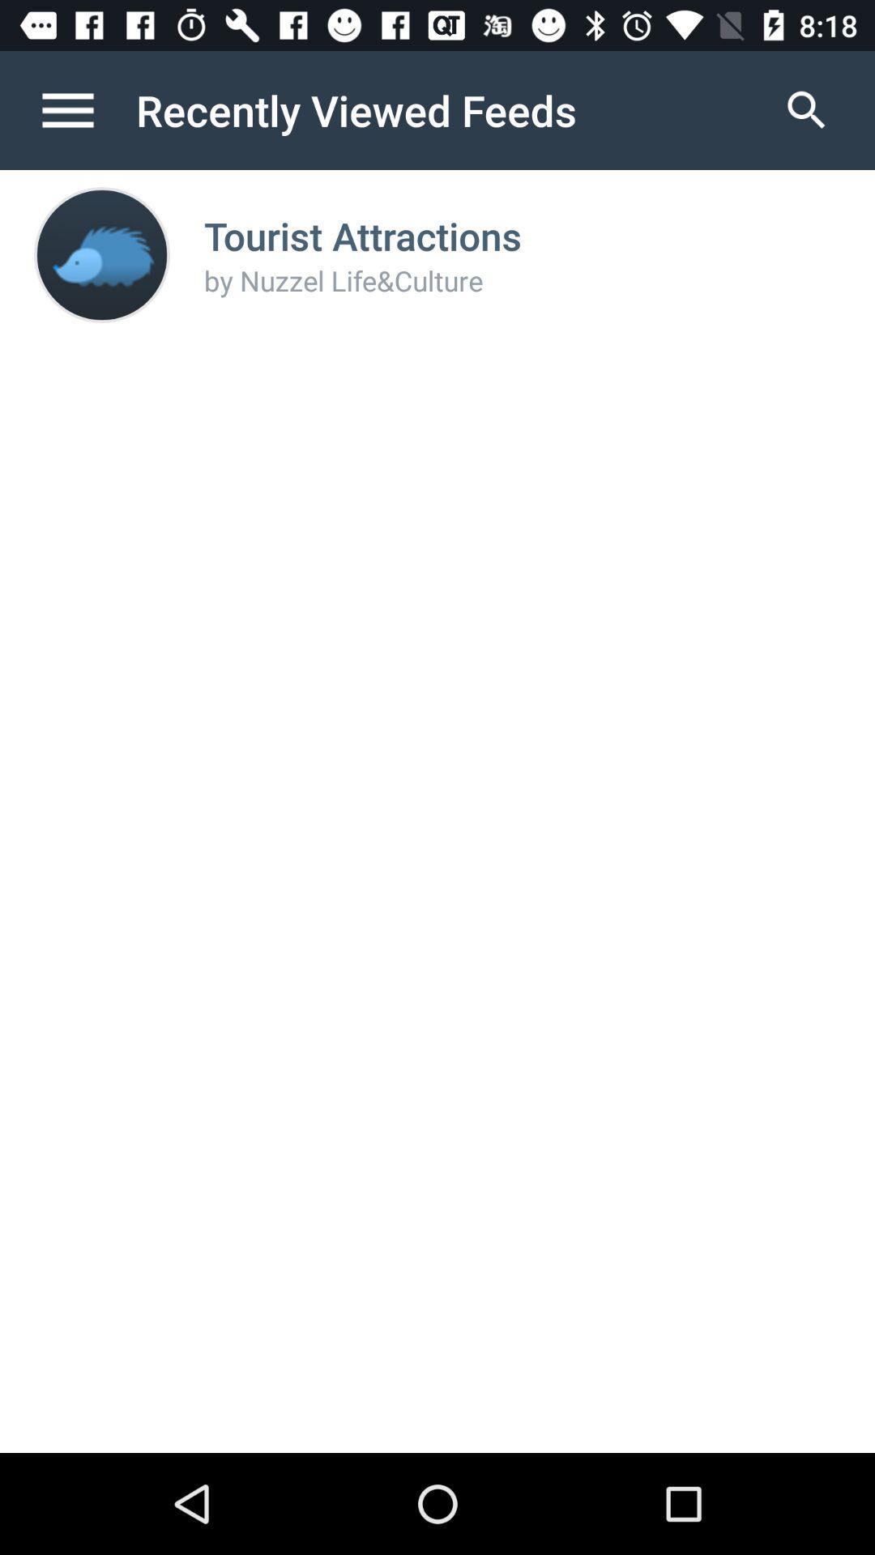 This screenshot has height=1555, width=875. I want to click on open navigation menu, so click(84, 109).